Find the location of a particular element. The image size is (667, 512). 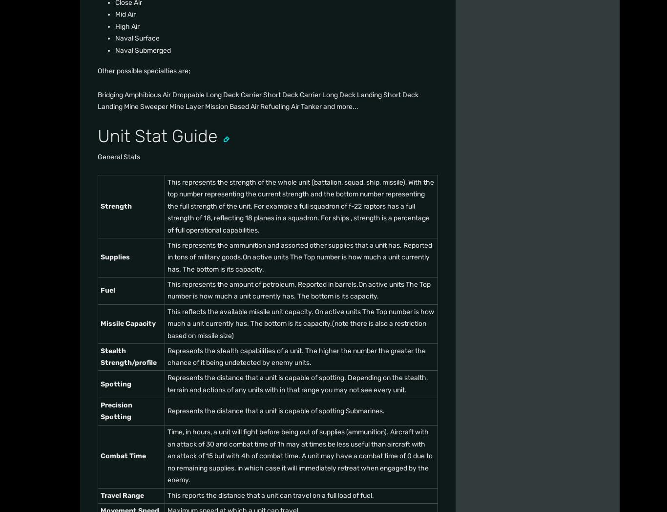

'Fandom' is located at coordinates (122, 150).